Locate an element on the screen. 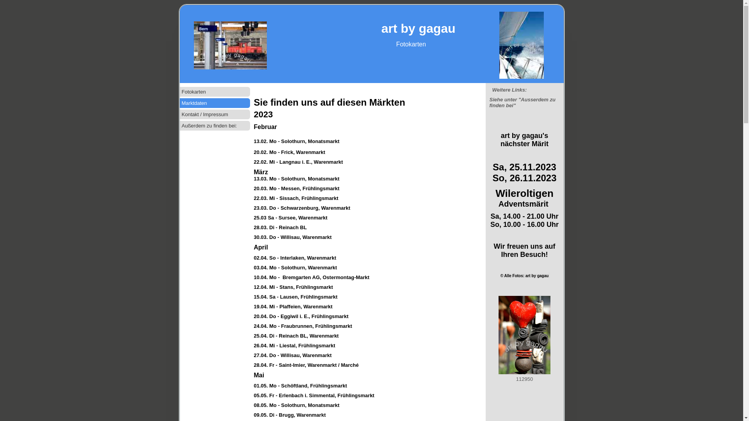 The width and height of the screenshot is (749, 421). 'Fotokarten' is located at coordinates (215, 91).